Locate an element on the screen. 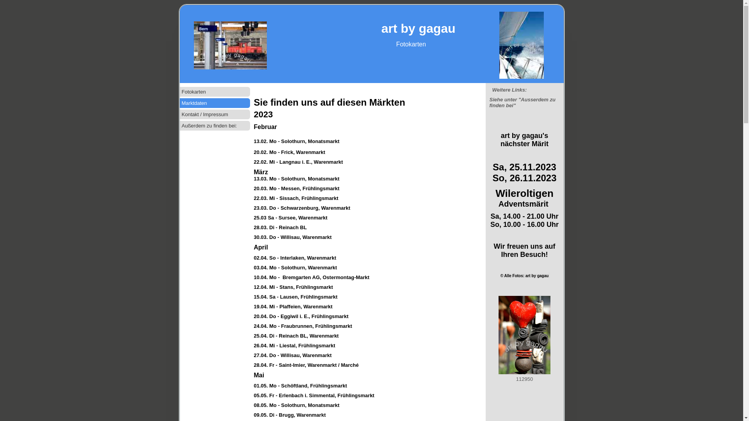 The width and height of the screenshot is (749, 421). 'Fotokarten' is located at coordinates (215, 91).